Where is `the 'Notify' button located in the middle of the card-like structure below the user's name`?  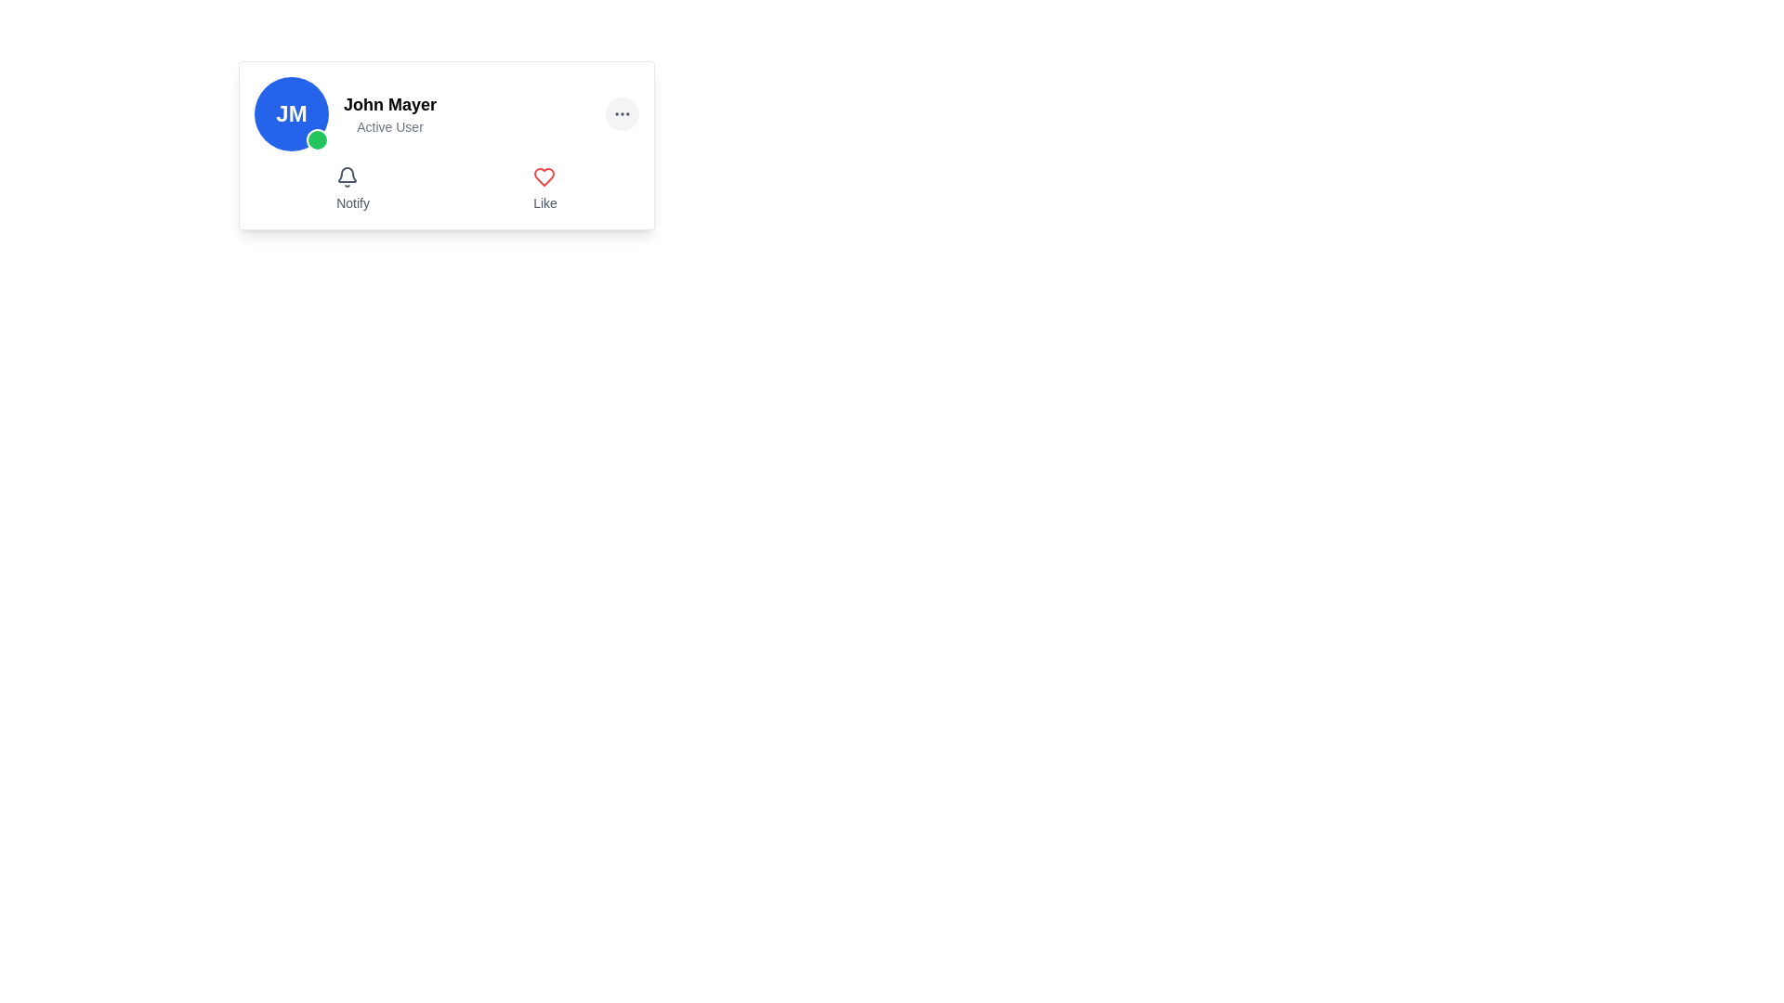 the 'Notify' button located in the middle of the card-like structure below the user's name is located at coordinates (352, 189).